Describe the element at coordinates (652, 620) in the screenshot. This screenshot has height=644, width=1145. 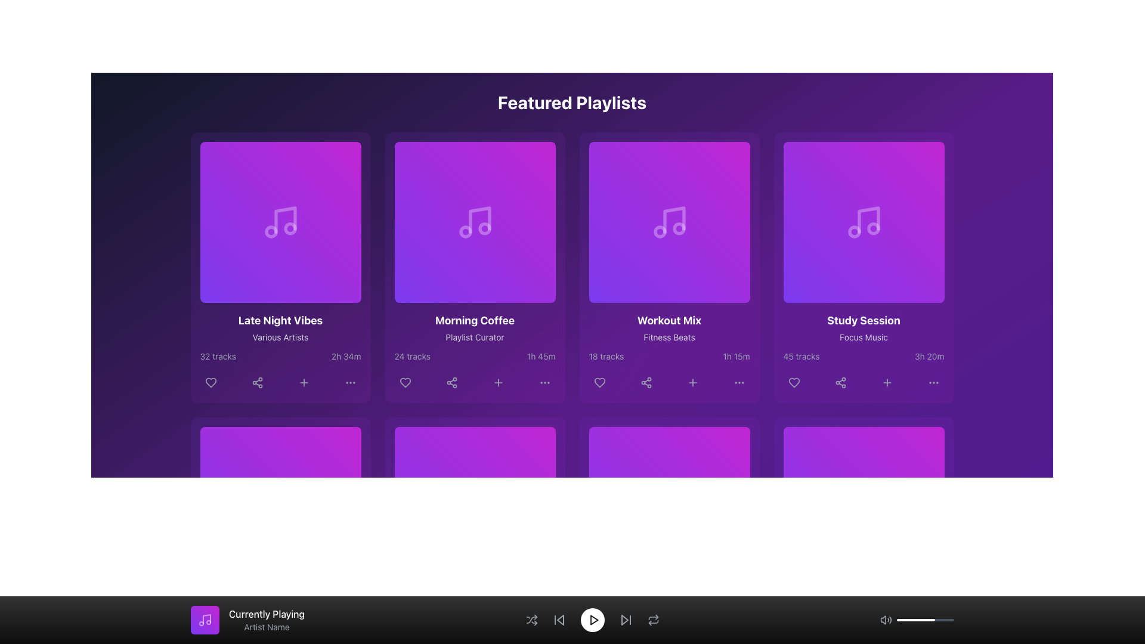
I see `the repeat button located at the far right of the control bar in the media player` at that location.